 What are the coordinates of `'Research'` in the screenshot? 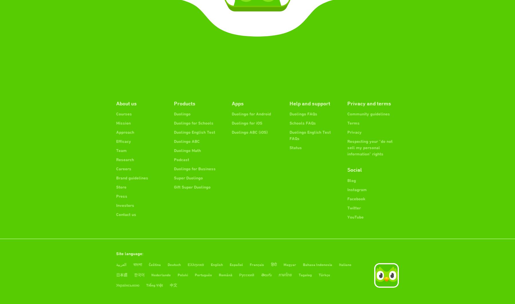 It's located at (125, 160).